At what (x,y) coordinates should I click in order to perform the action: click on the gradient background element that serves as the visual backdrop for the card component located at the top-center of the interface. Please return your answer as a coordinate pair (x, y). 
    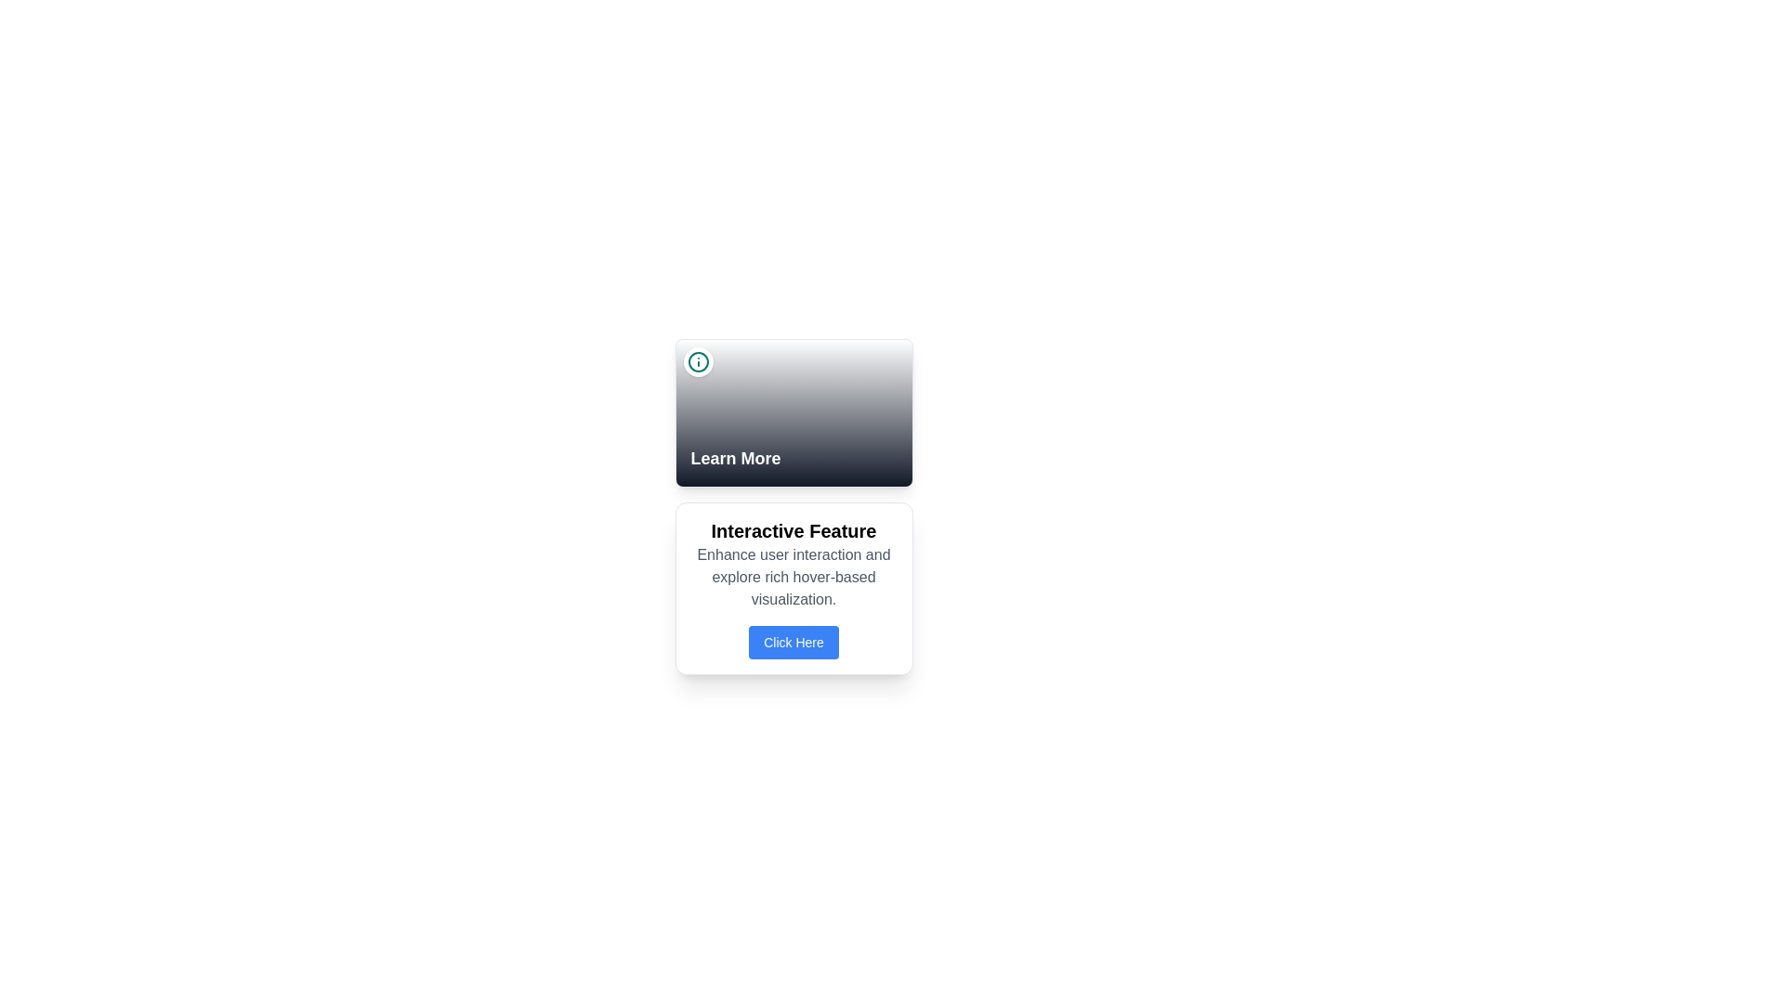
    Looking at the image, I should click on (794, 411).